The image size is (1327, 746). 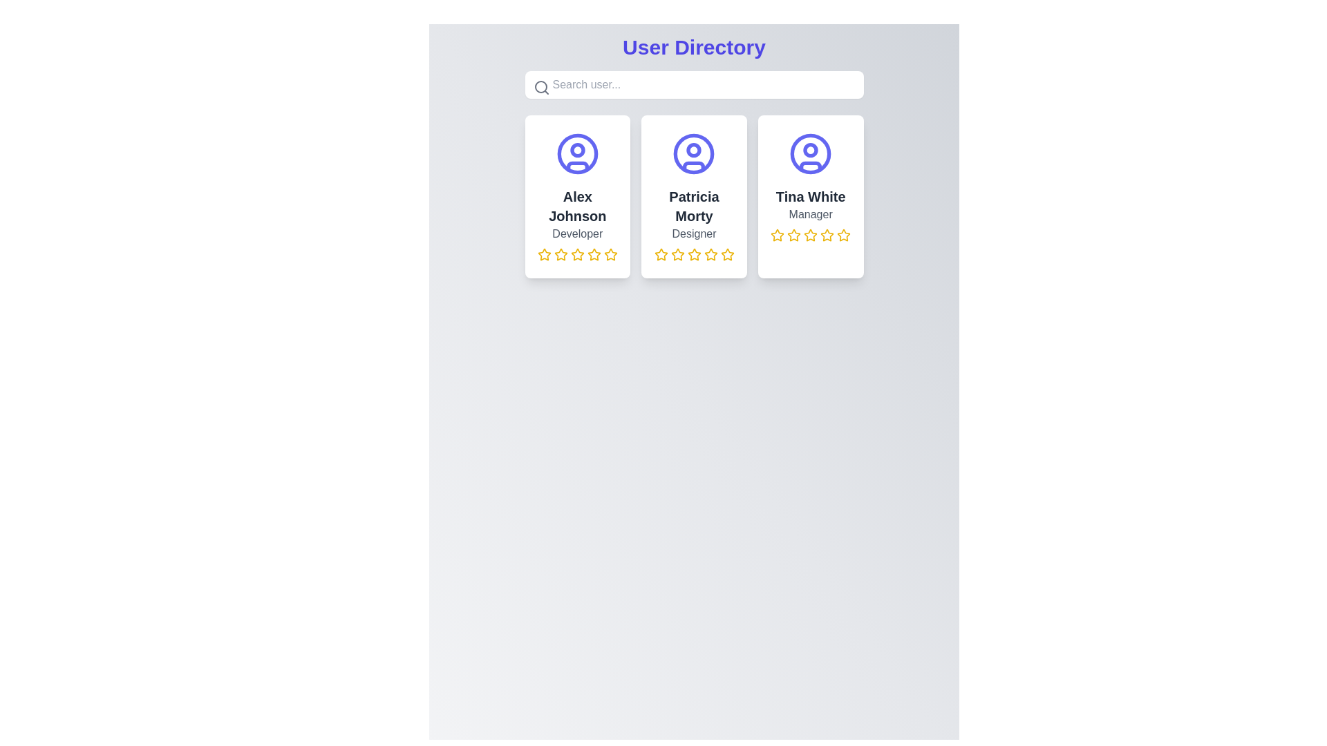 I want to click on the third star icon, so click(x=660, y=254).